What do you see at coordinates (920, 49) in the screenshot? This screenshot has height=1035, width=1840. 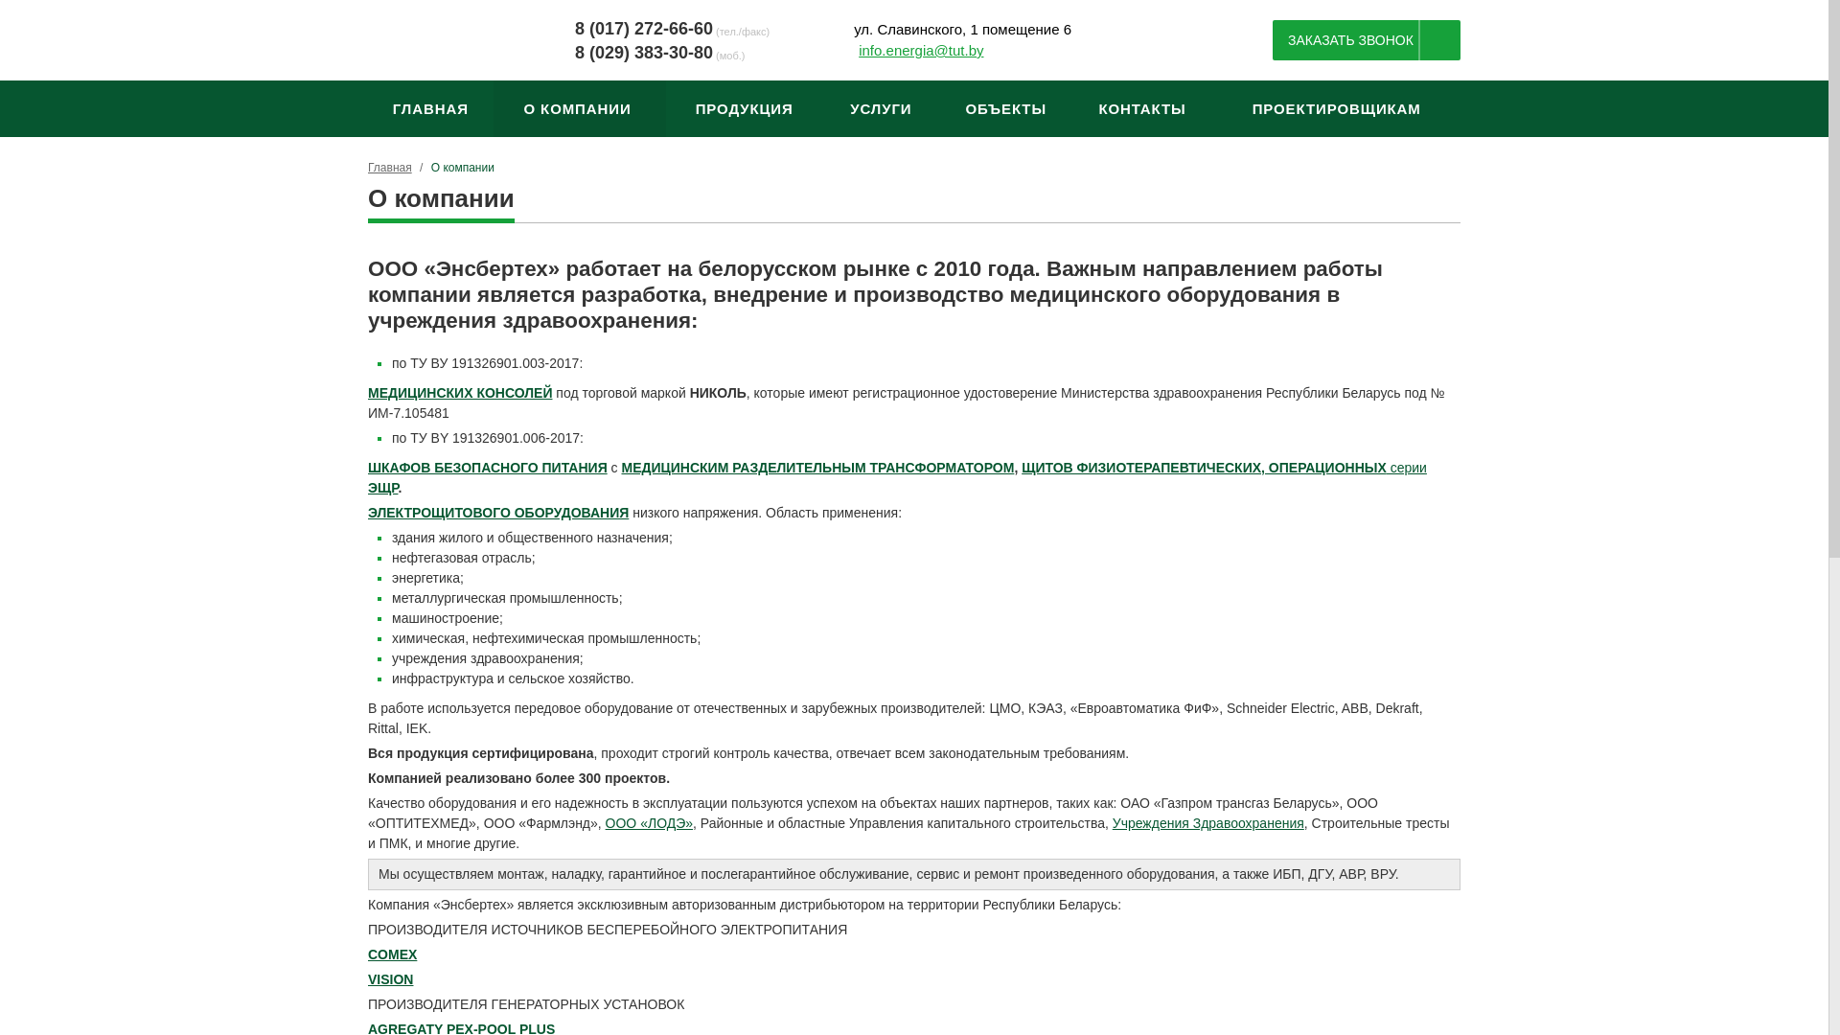 I see `'info.energia@tut.by'` at bounding box center [920, 49].